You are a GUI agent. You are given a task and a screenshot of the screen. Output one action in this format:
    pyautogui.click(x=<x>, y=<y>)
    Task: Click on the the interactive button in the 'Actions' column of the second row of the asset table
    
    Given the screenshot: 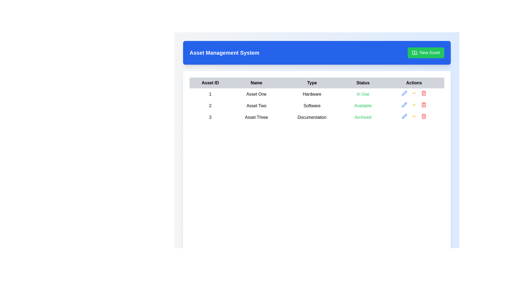 What is the action you would take?
    pyautogui.click(x=414, y=105)
    